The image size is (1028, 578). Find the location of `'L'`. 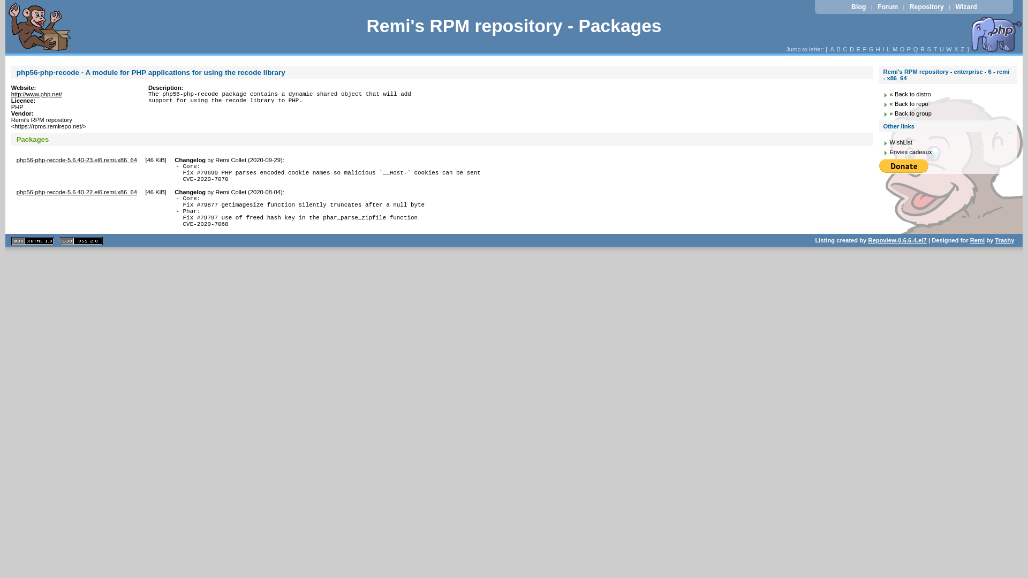

'L' is located at coordinates (888, 49).